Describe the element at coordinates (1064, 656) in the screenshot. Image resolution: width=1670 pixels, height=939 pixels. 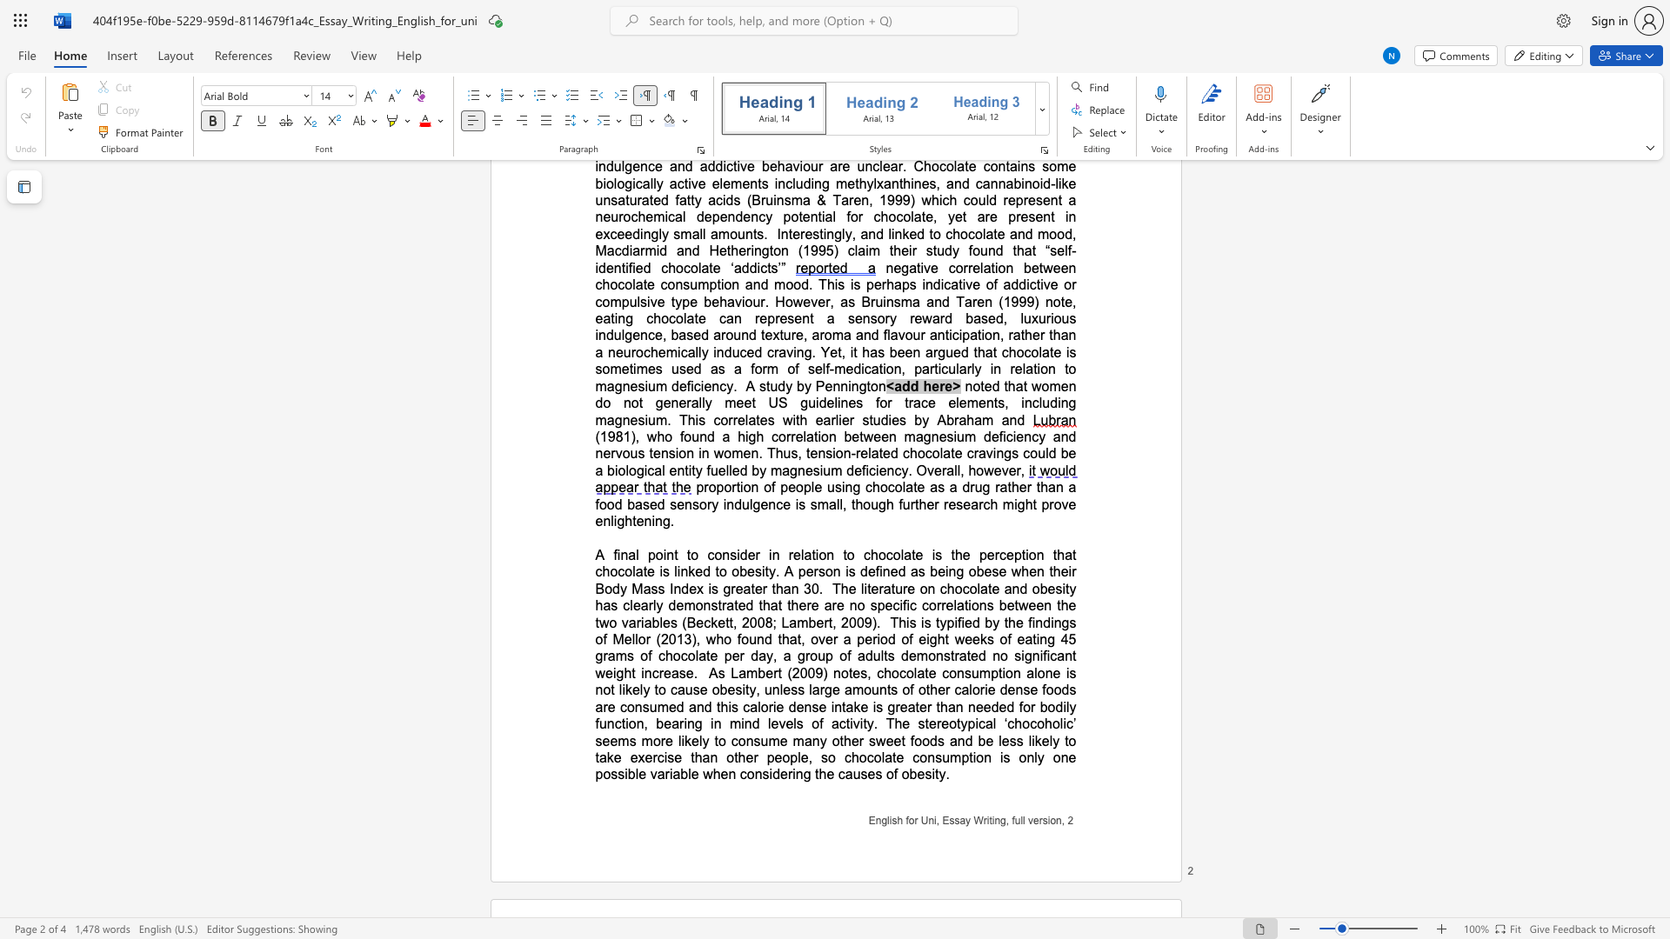
I see `the subset text "nt we" within the text "no significant weight increase"` at that location.